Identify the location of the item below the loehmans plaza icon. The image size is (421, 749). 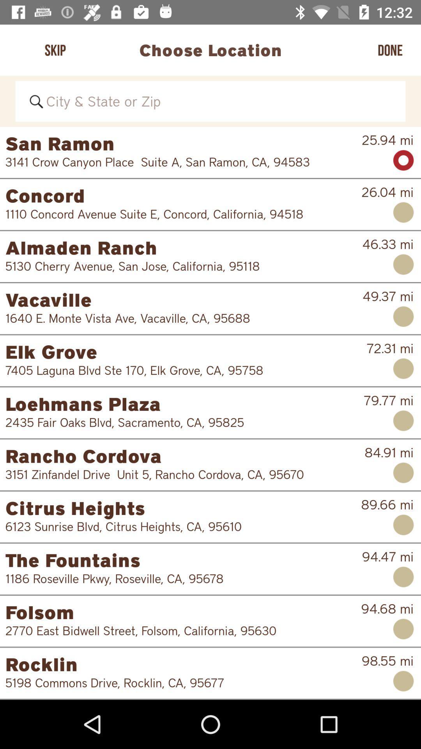
(179, 422).